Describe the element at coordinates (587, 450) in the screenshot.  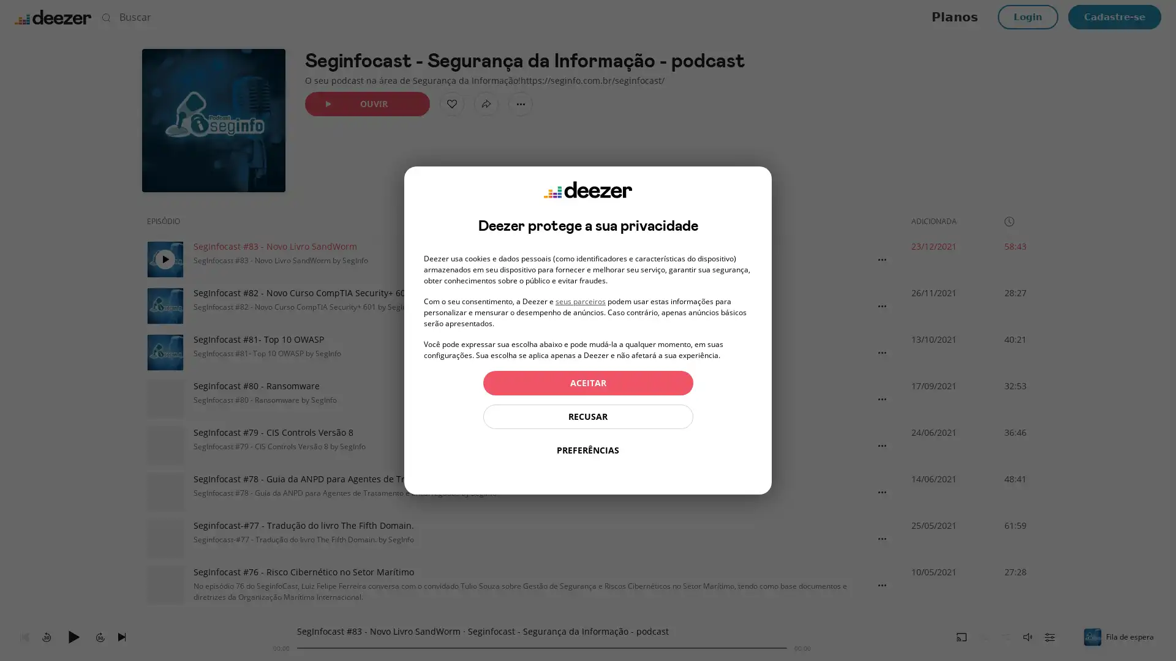
I see `PREFERENCIAS` at that location.